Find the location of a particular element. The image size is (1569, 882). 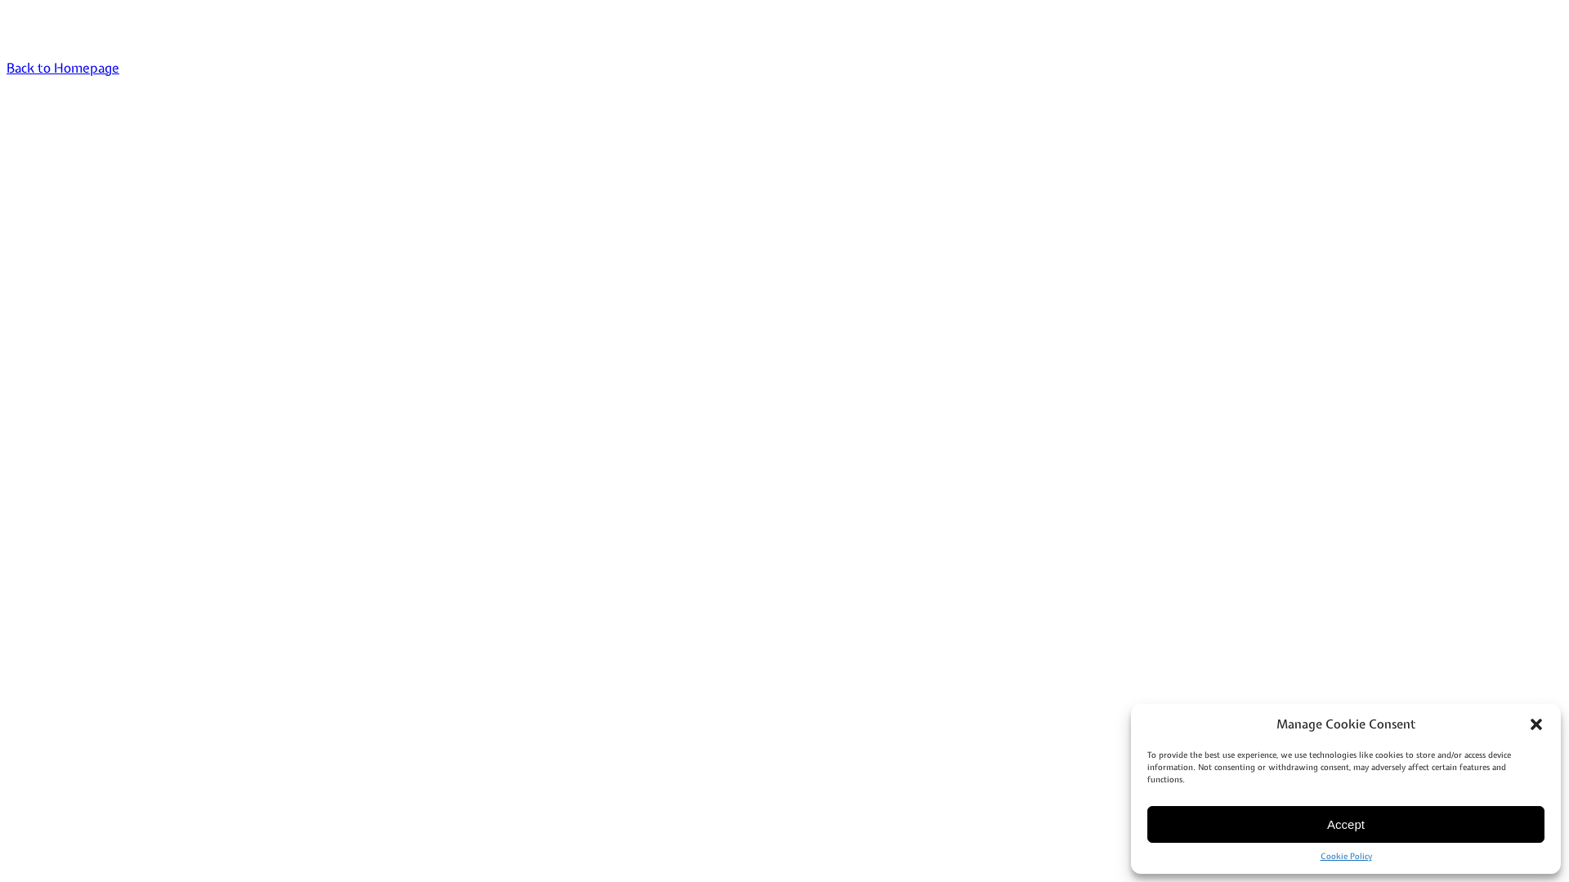

'Accept' is located at coordinates (1345, 824).